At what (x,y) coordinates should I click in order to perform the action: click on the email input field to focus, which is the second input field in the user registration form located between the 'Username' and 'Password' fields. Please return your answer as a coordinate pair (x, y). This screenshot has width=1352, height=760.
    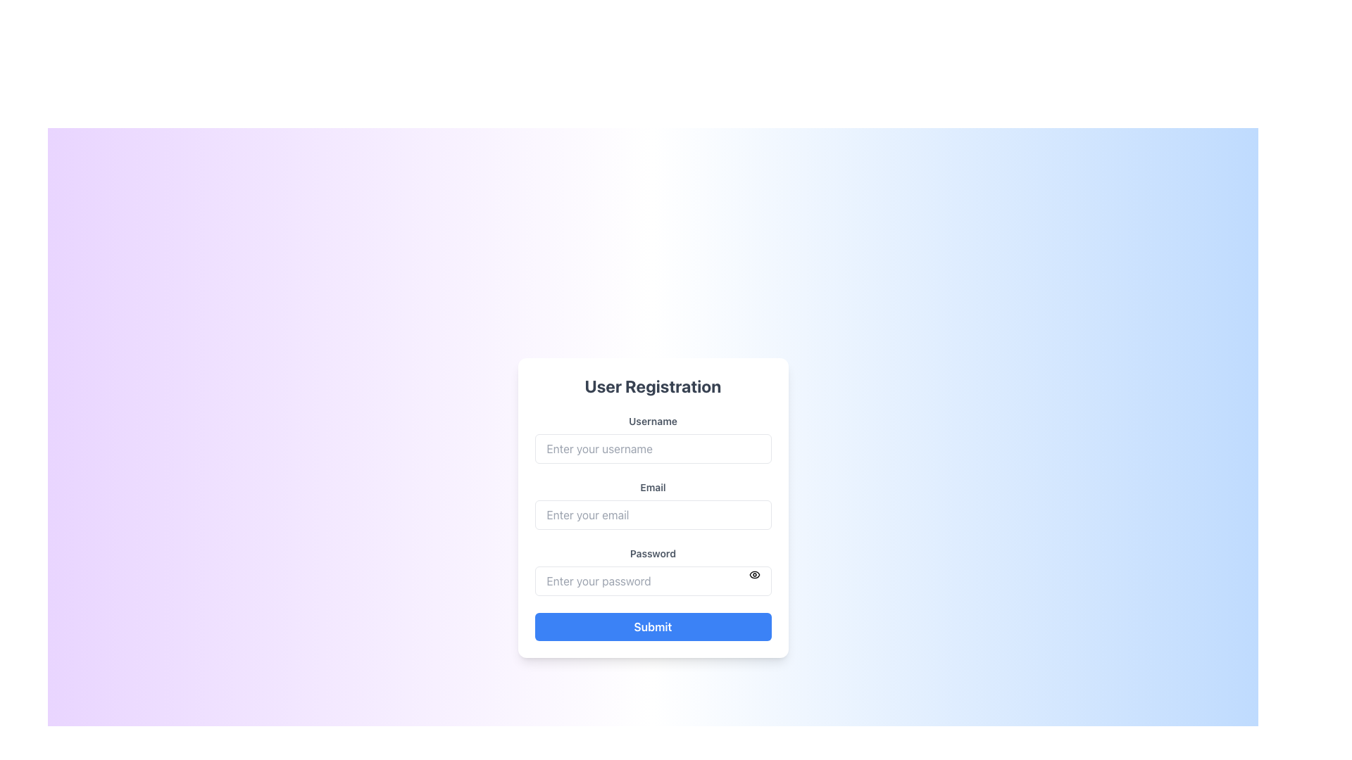
    Looking at the image, I should click on (652, 504).